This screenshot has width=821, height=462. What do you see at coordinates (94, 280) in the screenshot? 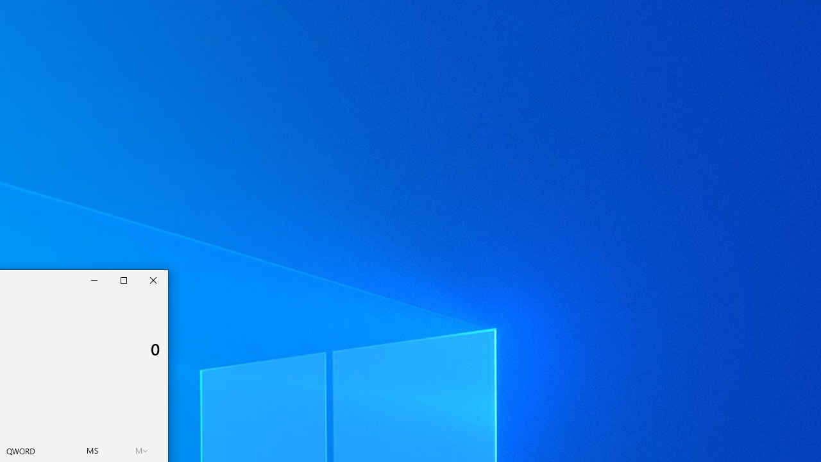
I see `'Minimize Calculator'` at bounding box center [94, 280].